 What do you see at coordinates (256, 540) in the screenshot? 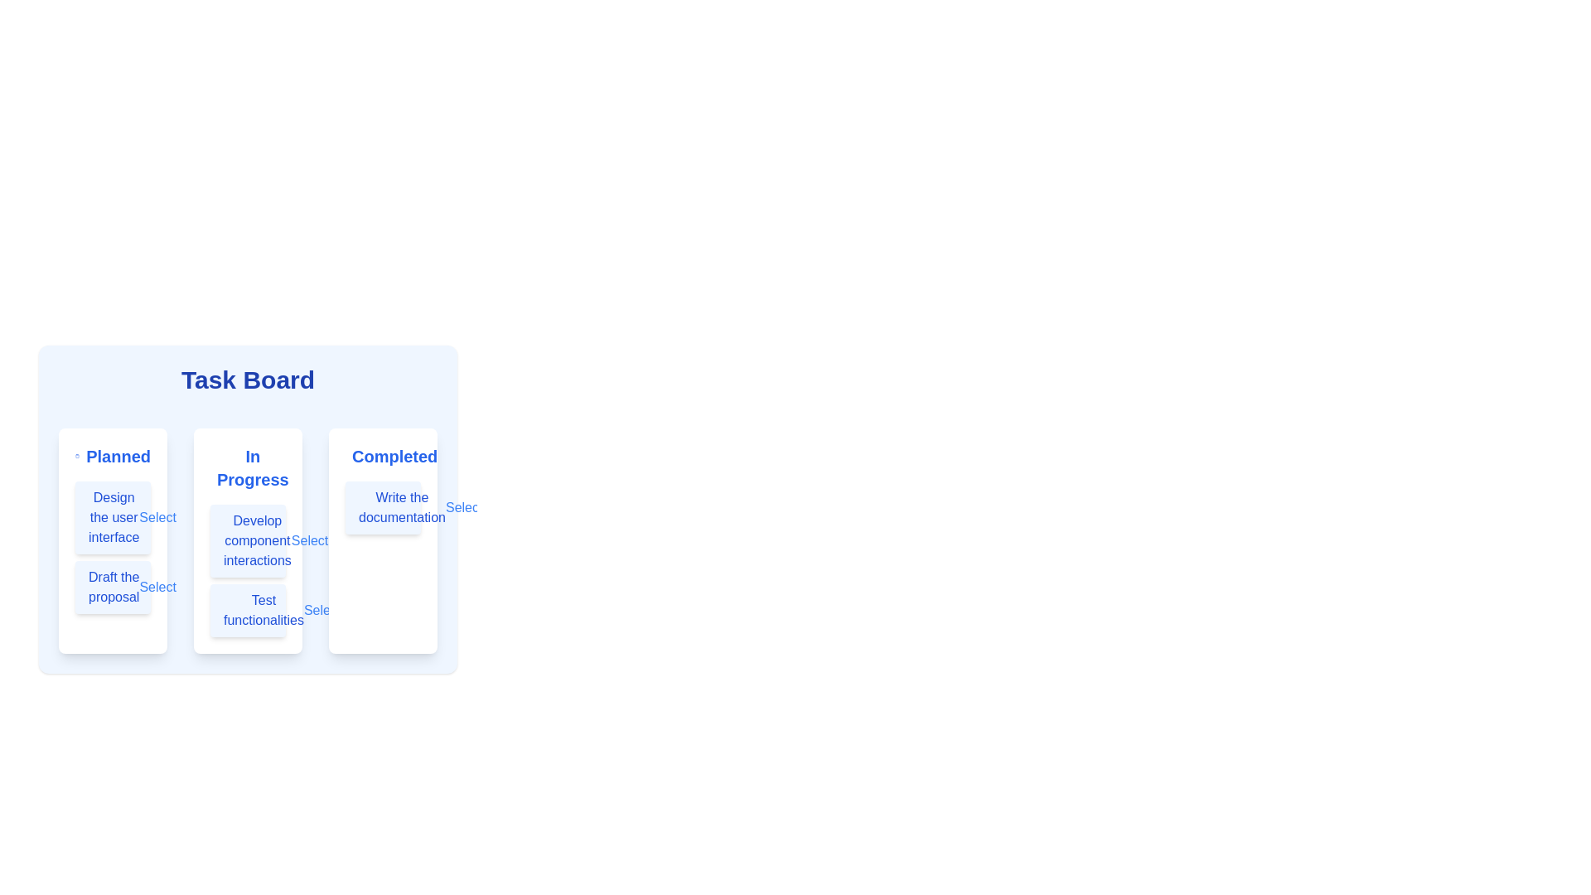
I see `the Text Label element that reads 'Develop component interactions', which is styled in blue and bold, located in the 'In Progress' column of the kanban board` at bounding box center [256, 540].